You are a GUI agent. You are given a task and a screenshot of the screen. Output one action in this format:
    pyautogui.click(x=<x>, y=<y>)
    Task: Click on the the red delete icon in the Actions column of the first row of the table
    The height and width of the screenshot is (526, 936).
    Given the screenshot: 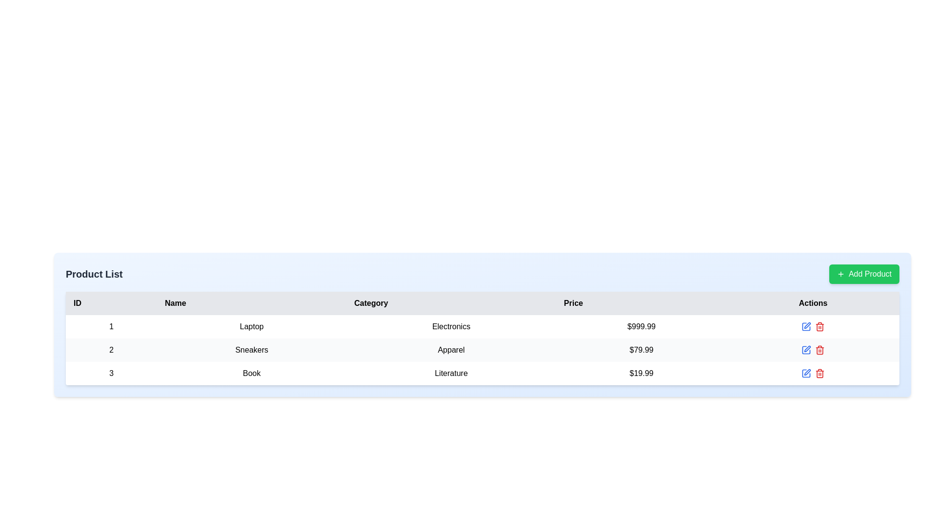 What is the action you would take?
    pyautogui.click(x=813, y=327)
    